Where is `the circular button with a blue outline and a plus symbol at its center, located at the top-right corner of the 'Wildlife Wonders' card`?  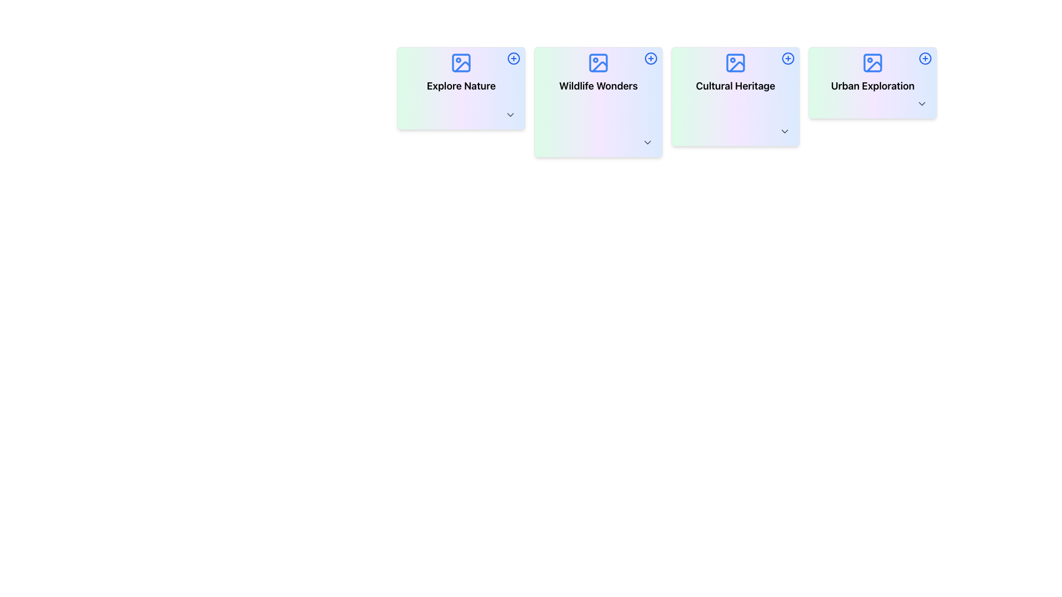
the circular button with a blue outline and a plus symbol at its center, located at the top-right corner of the 'Wildlife Wonders' card is located at coordinates (650, 58).